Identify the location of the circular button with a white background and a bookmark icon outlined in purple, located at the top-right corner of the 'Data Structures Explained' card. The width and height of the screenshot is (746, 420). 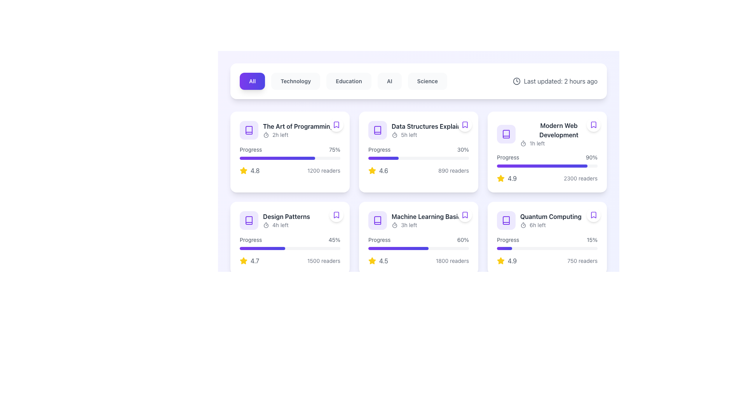
(465, 124).